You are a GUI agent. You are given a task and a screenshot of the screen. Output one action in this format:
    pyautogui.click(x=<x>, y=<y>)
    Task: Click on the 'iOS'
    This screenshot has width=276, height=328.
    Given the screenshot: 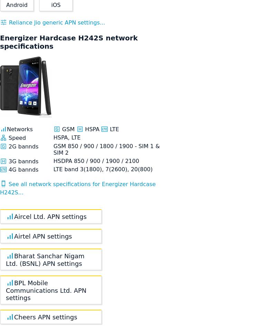 What is the action you would take?
    pyautogui.click(x=51, y=5)
    